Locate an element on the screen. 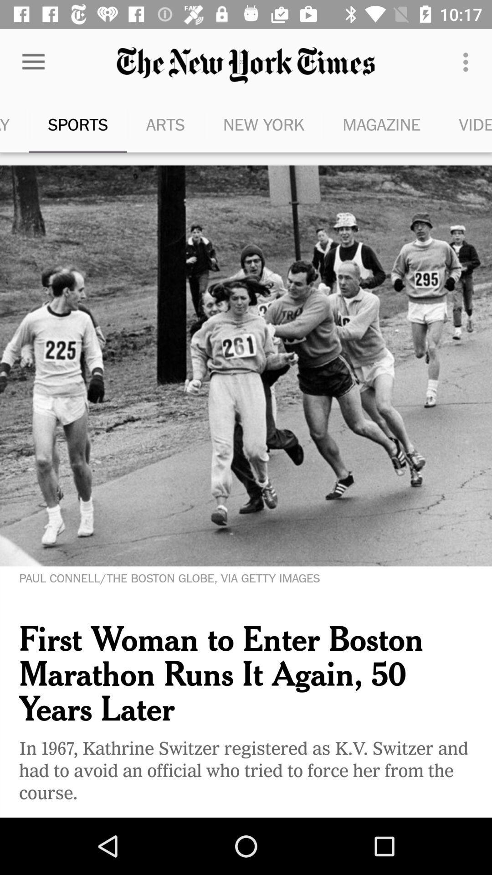 The image size is (492, 875). icon next to the new york icon is located at coordinates (381, 124).